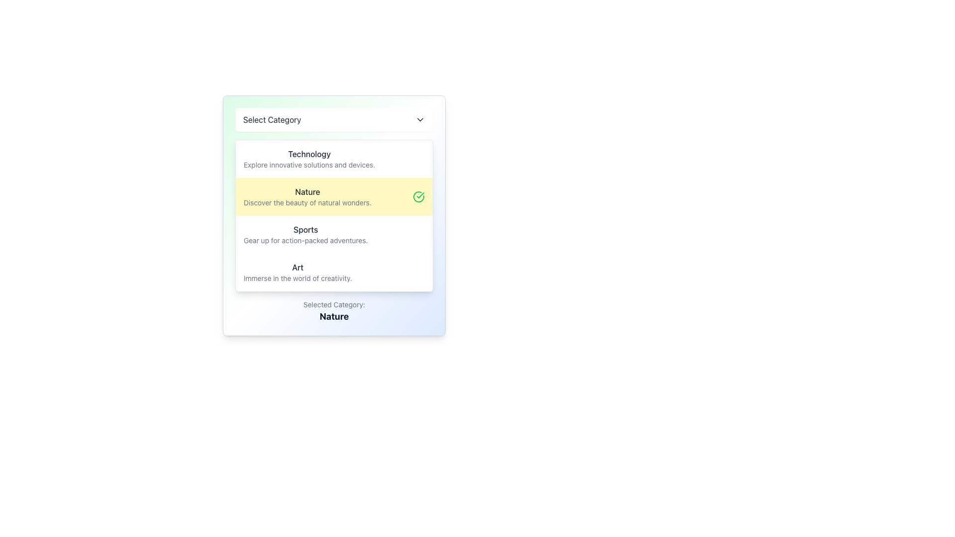 The image size is (955, 537). I want to click on the 'Sports' category heading in the dropdown menu to focus or select the associated category, so click(305, 230).